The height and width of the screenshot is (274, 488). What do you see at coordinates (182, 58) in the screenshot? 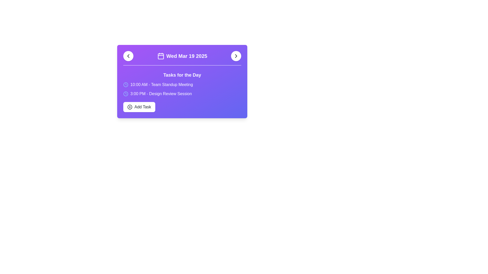
I see `the display text element that shows the current date, located at the top section of a purple card, between two circular buttons with arrow icons` at bounding box center [182, 58].